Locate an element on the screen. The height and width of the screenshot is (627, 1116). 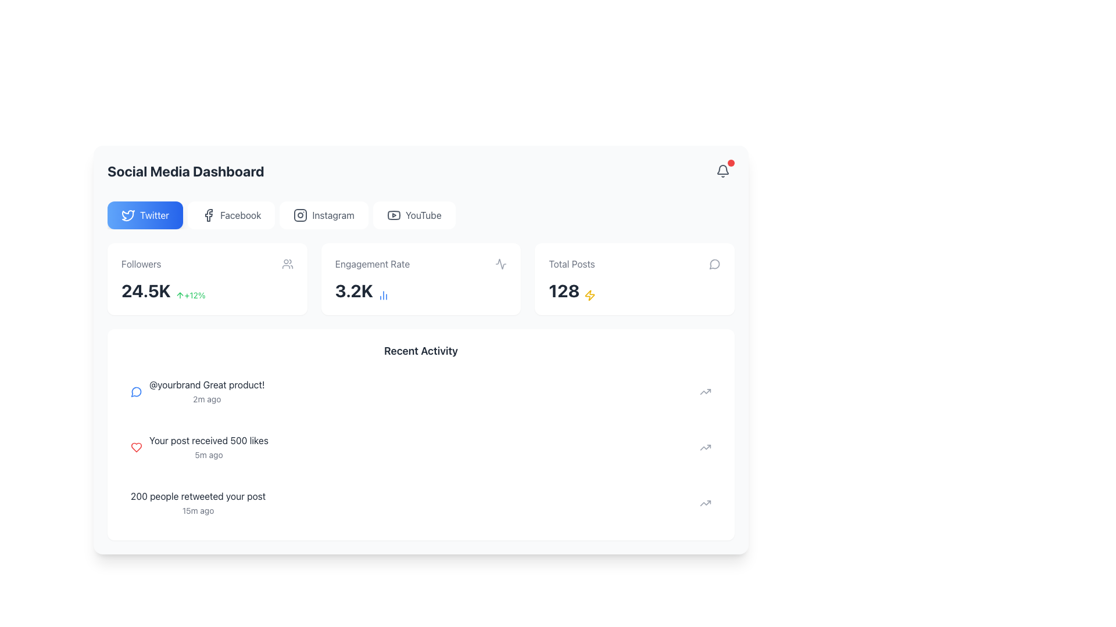
text block displaying the notification about the number of likes received on the user's post, located in the 'Recent Activity' section as the second item in the list is located at coordinates (209, 447).